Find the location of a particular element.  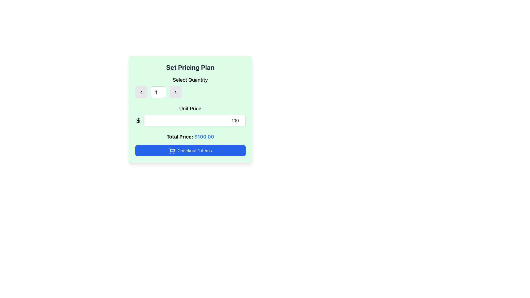

the right-pointing arrow button with a light gray background to increment the value is located at coordinates (175, 92).